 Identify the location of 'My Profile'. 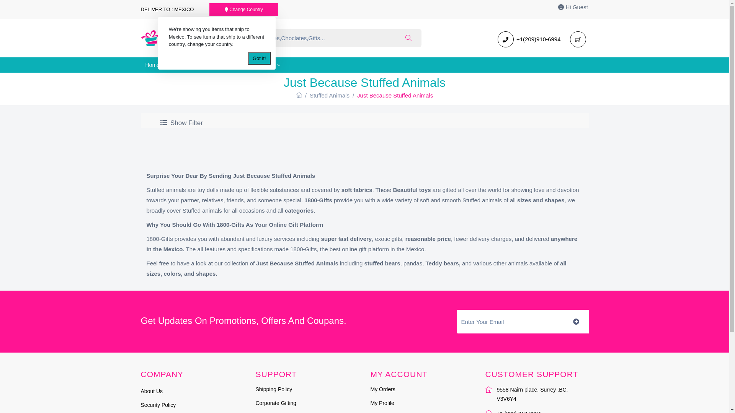
(382, 402).